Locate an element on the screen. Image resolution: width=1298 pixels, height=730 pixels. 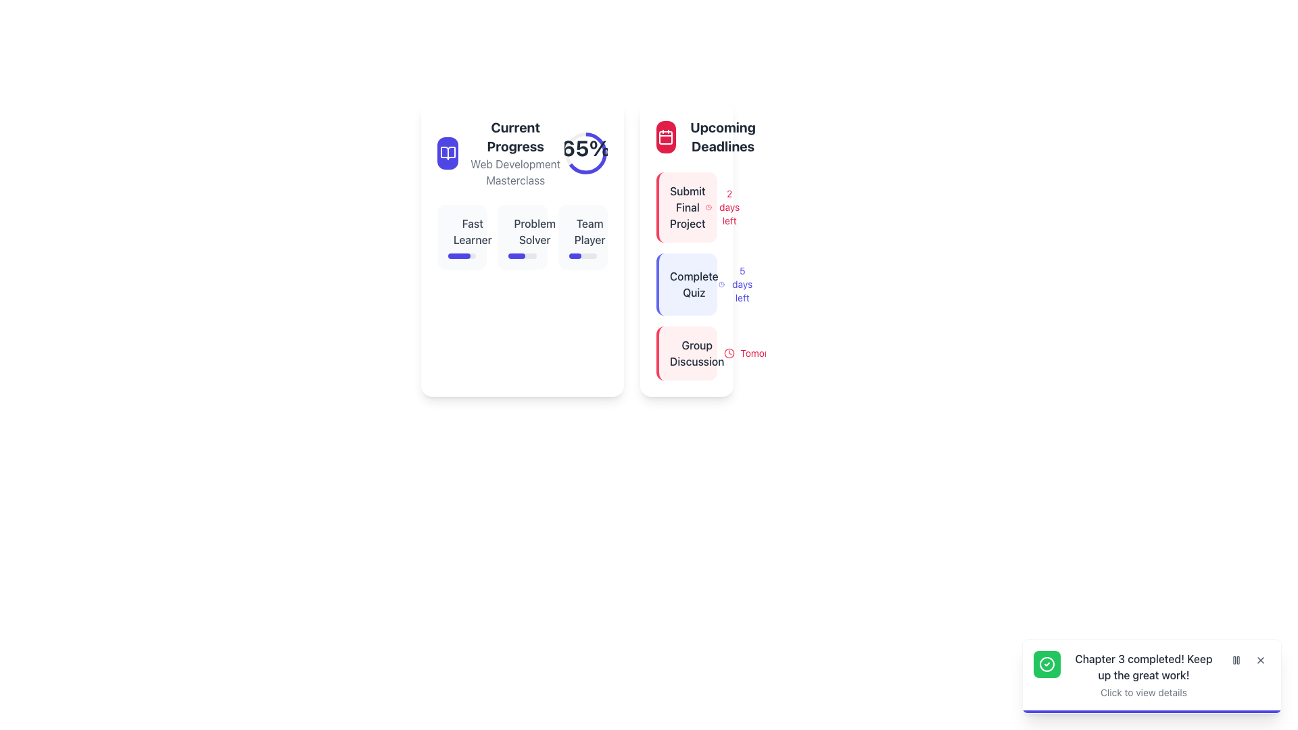
the Notification card located at the bottom-right corner of the interface is located at coordinates (1151, 677).